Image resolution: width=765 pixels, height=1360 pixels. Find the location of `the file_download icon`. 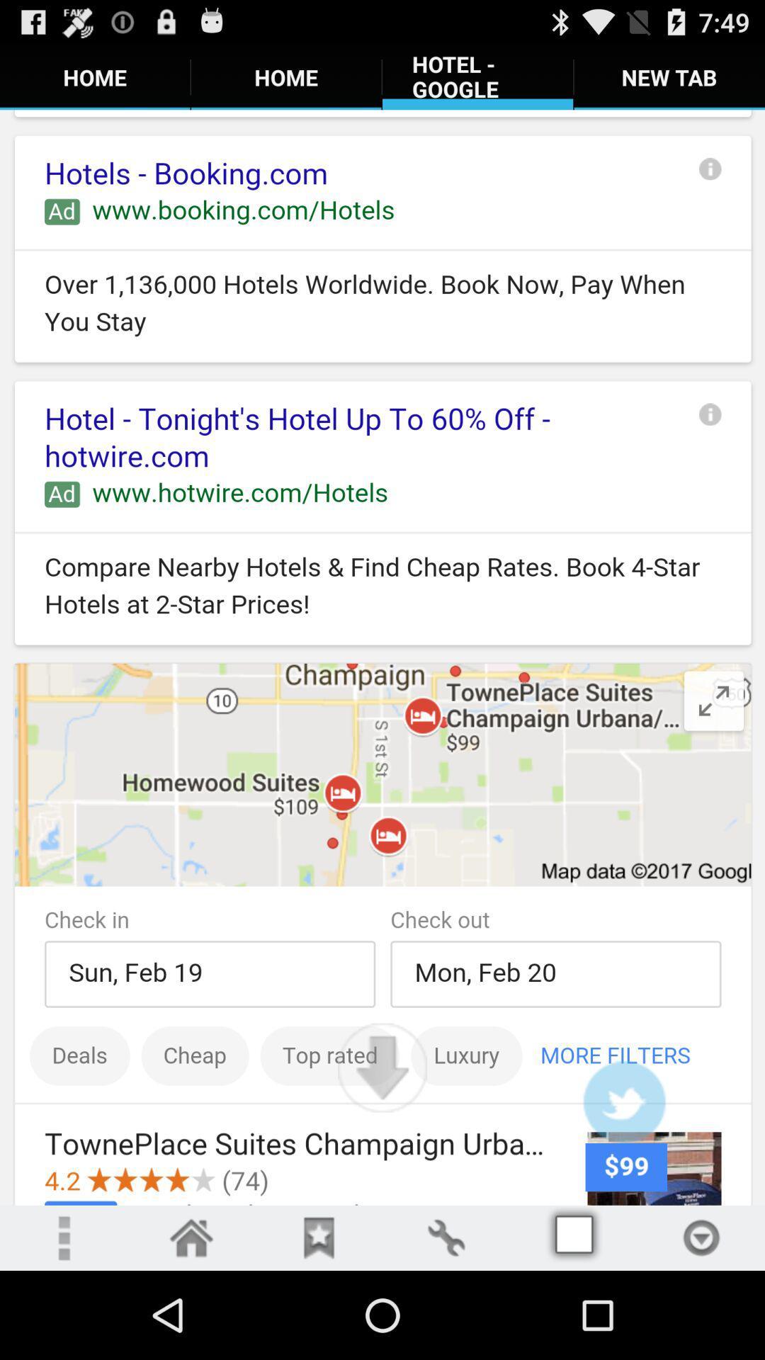

the file_download icon is located at coordinates (382, 1143).